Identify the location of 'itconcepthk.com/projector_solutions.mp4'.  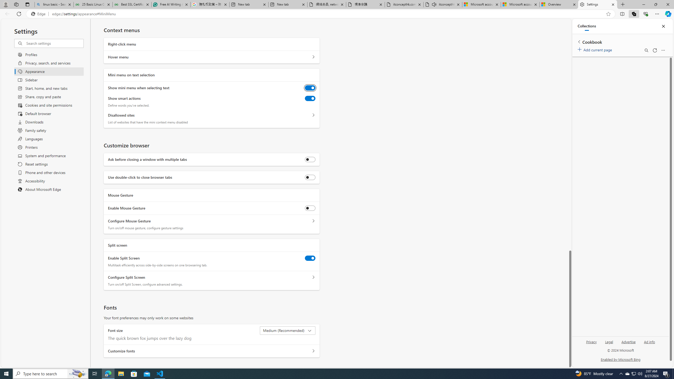
(404, 4).